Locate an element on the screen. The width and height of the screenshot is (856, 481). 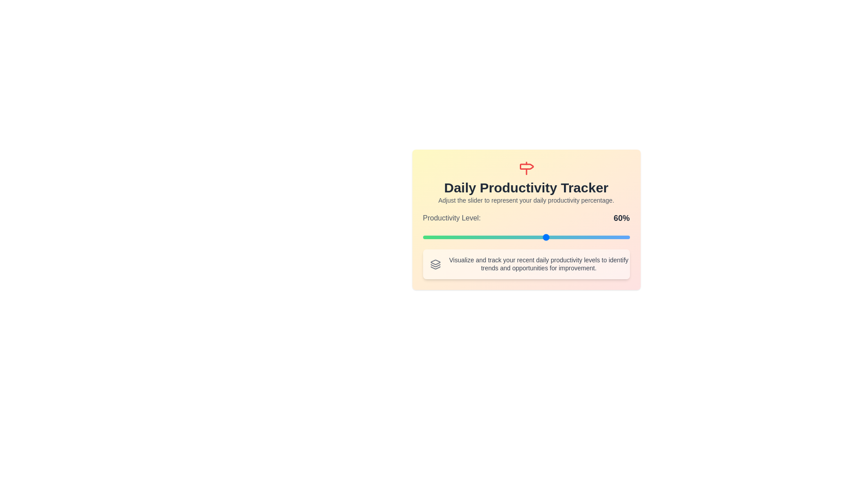
the slider to 24% is located at coordinates (472, 236).